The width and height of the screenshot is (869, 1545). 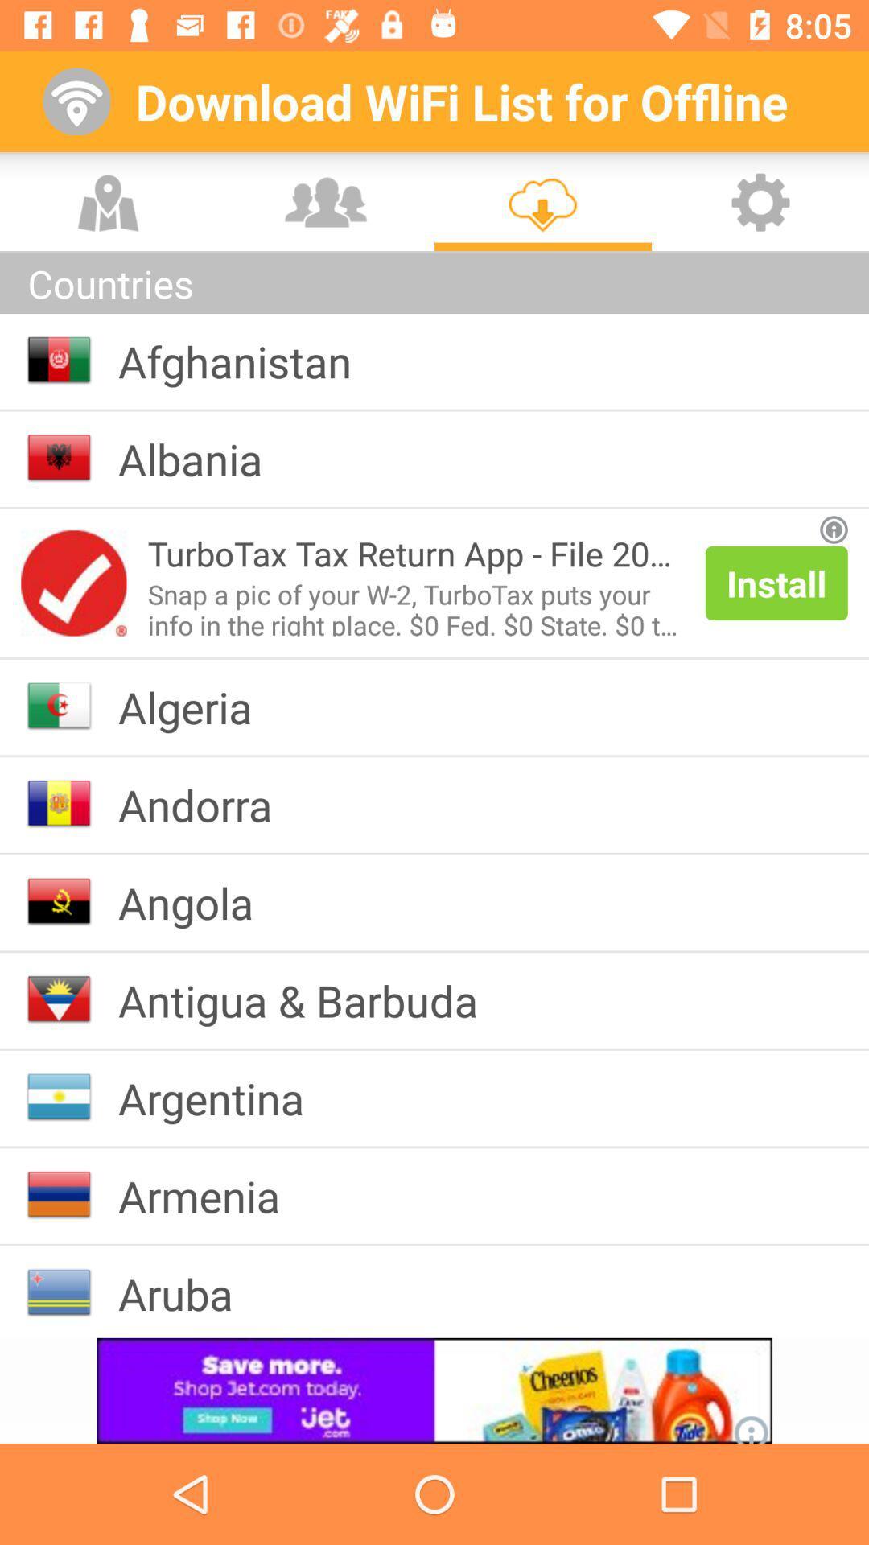 What do you see at coordinates (776, 582) in the screenshot?
I see `app to the right of turbotax tax return item` at bounding box center [776, 582].